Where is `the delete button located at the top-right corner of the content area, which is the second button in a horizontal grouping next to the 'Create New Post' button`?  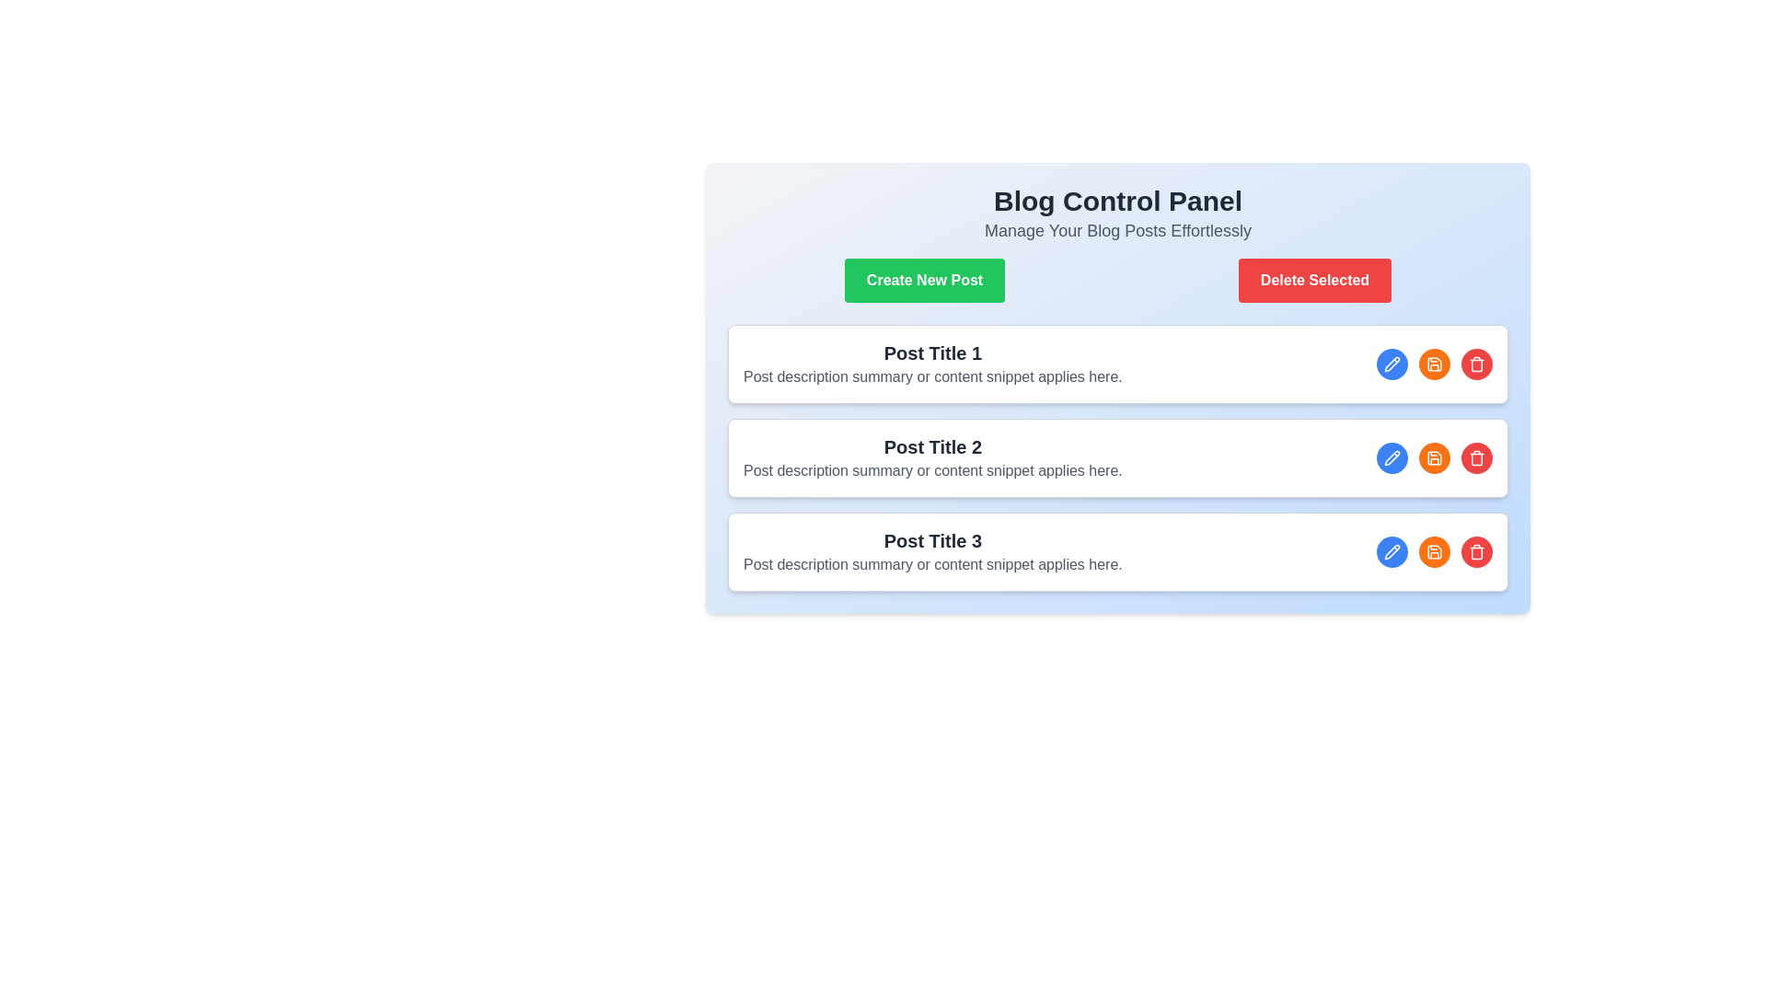 the delete button located at the top-right corner of the content area, which is the second button in a horizontal grouping next to the 'Create New Post' button is located at coordinates (1314, 280).